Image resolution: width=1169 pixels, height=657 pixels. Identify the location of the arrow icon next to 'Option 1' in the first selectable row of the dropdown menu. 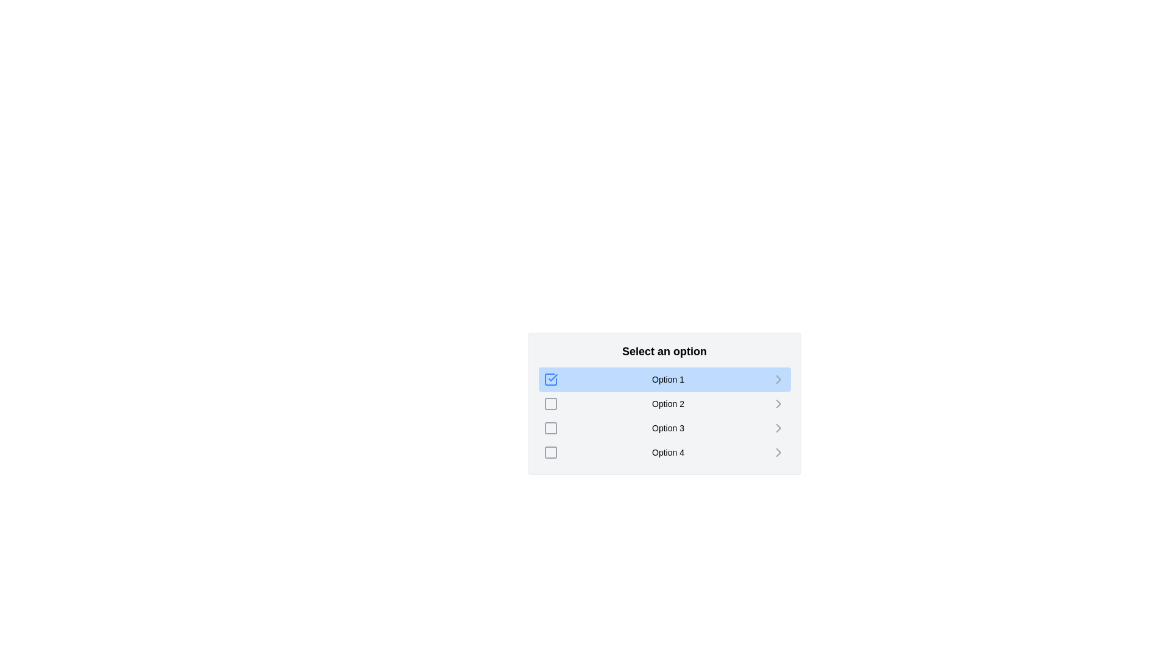
(778, 379).